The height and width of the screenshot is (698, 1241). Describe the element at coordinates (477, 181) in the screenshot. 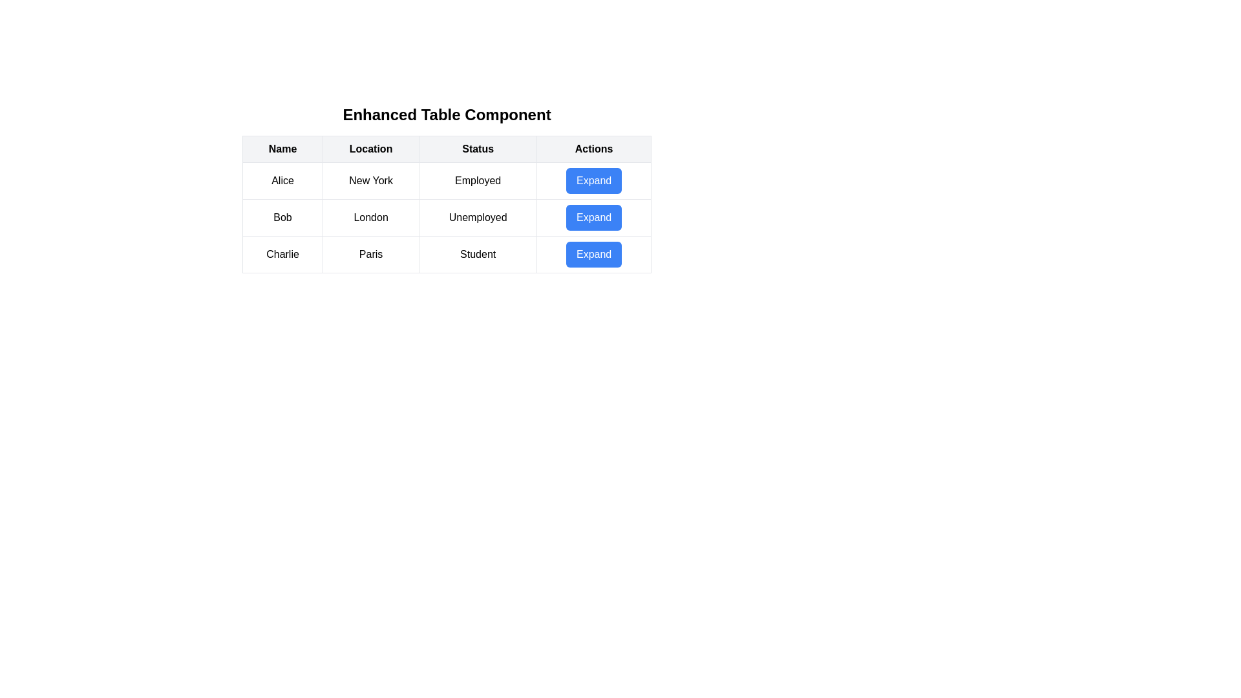

I see `the Static Text Label that displays the employment status in the first row of the table, located in the third column under the header 'Status'` at that location.